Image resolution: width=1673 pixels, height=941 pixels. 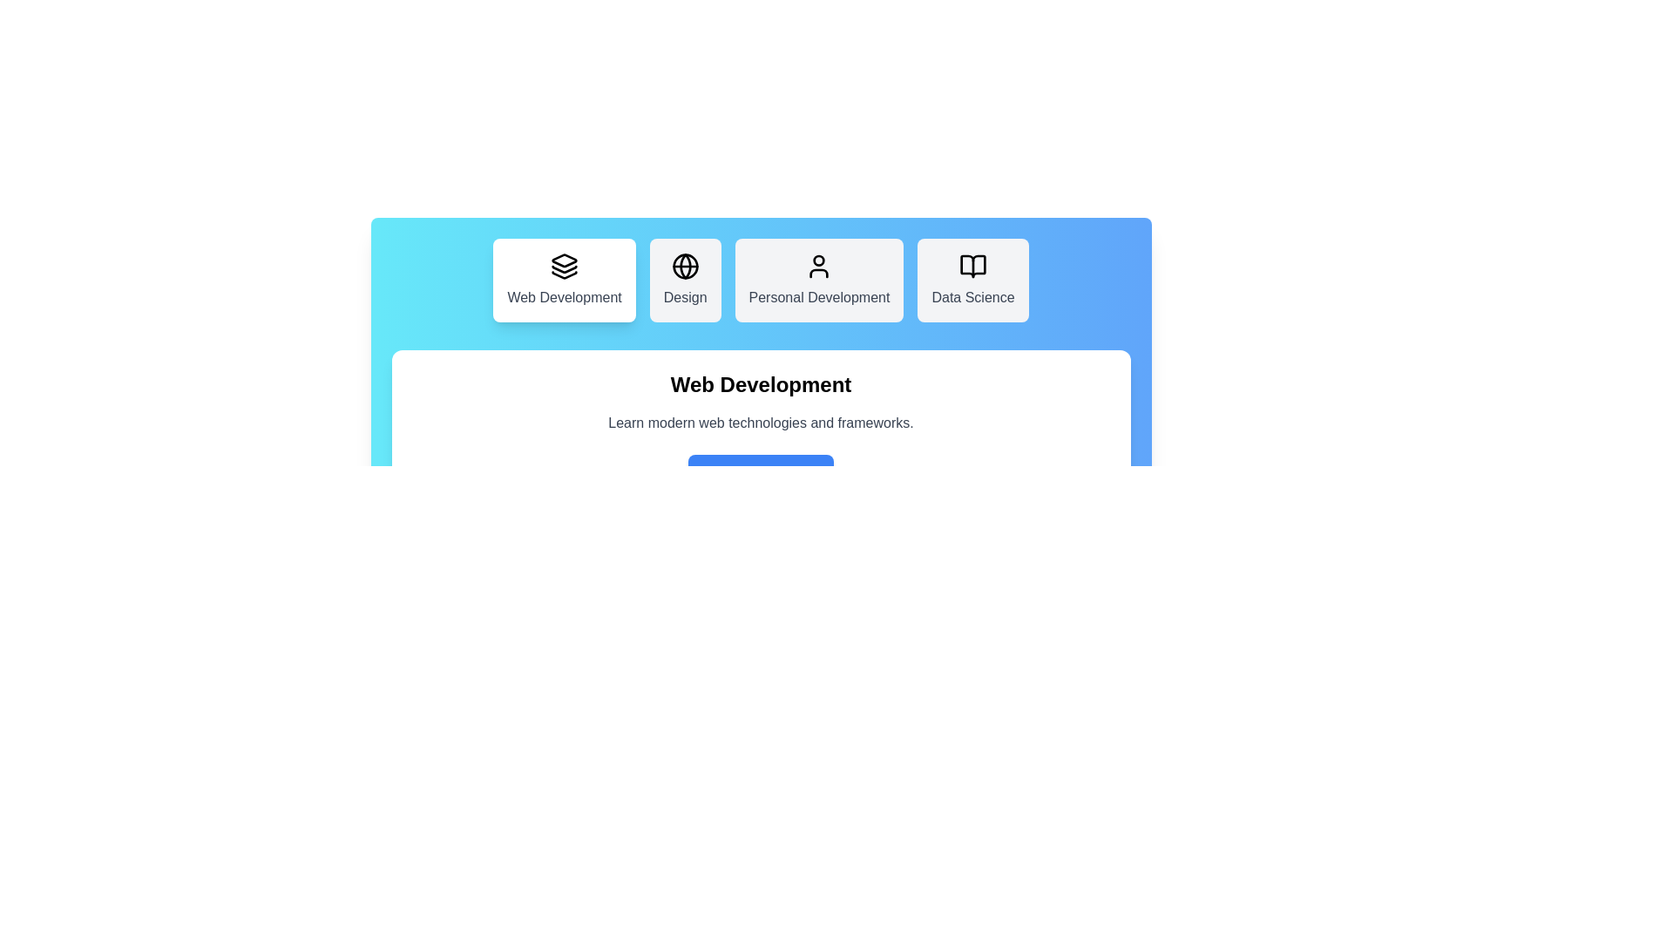 I want to click on the 'Explore Courses' button to proceed, so click(x=761, y=476).